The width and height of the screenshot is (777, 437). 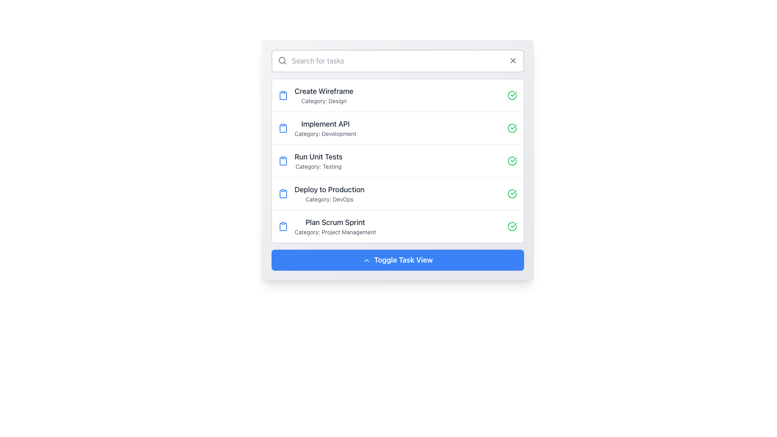 What do you see at coordinates (398, 95) in the screenshot?
I see `the task item titled 'Create Wireframe' in the task list, which is the first row in the list categorized under 'Design'` at bounding box center [398, 95].